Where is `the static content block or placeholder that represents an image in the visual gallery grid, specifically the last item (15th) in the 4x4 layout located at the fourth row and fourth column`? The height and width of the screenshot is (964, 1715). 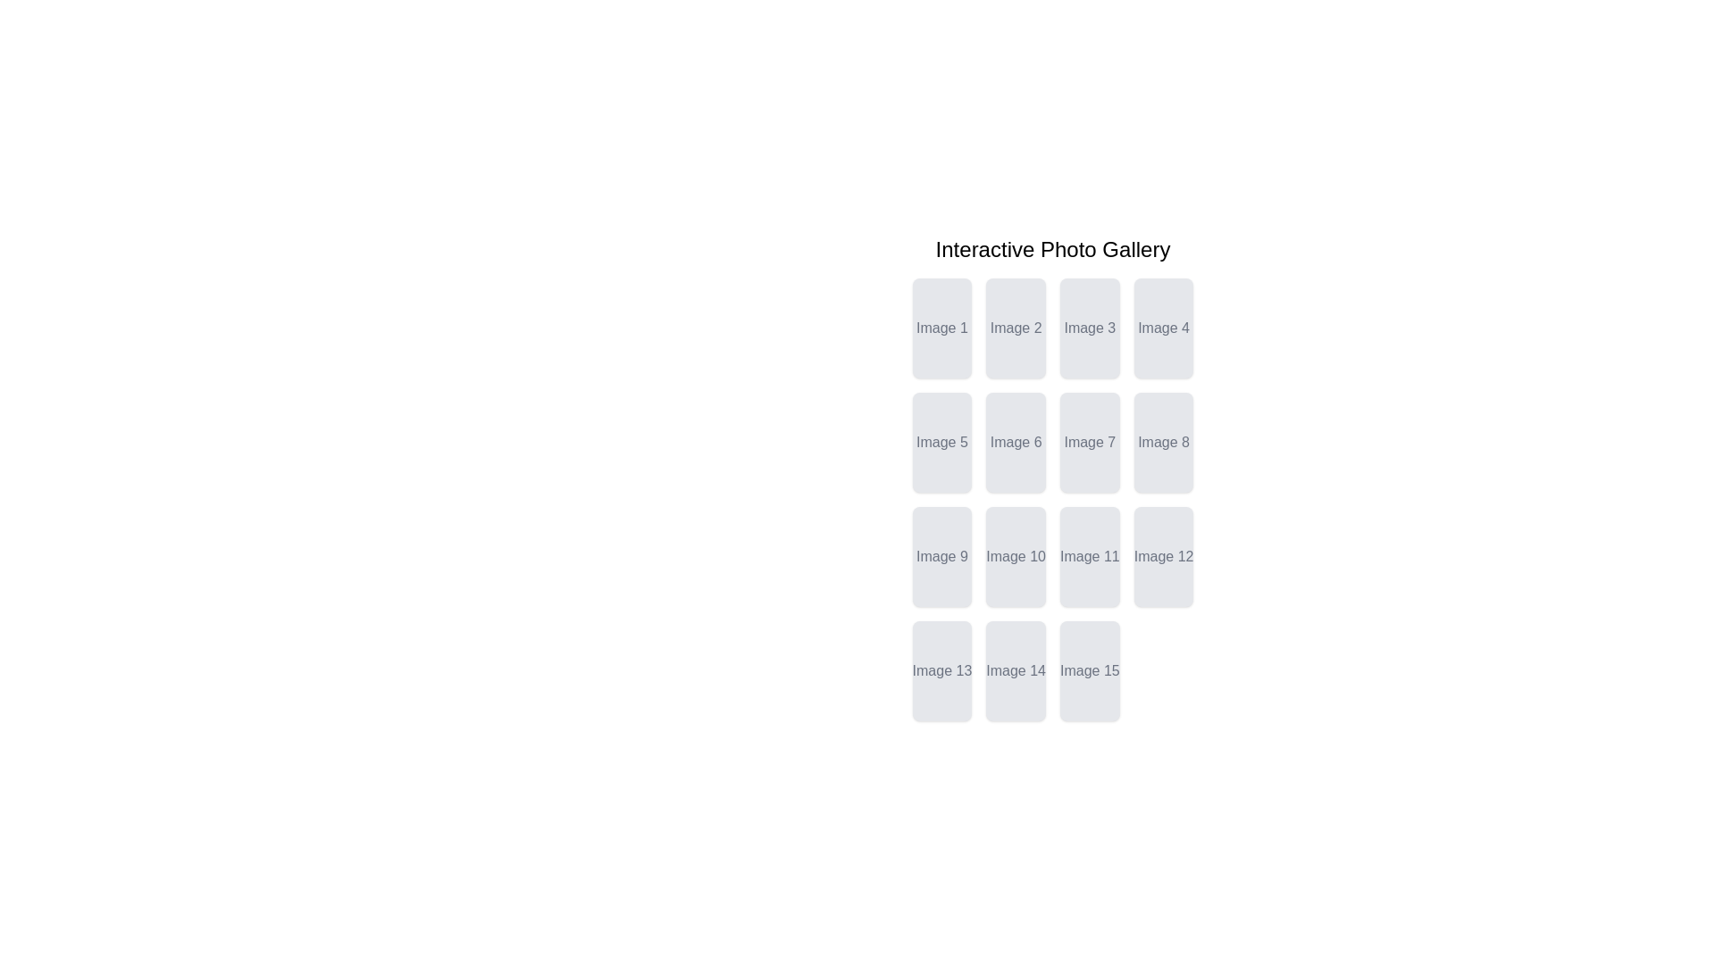
the static content block or placeholder that represents an image in the visual gallery grid, specifically the last item (15th) in the 4x4 layout located at the fourth row and fourth column is located at coordinates (1089, 671).